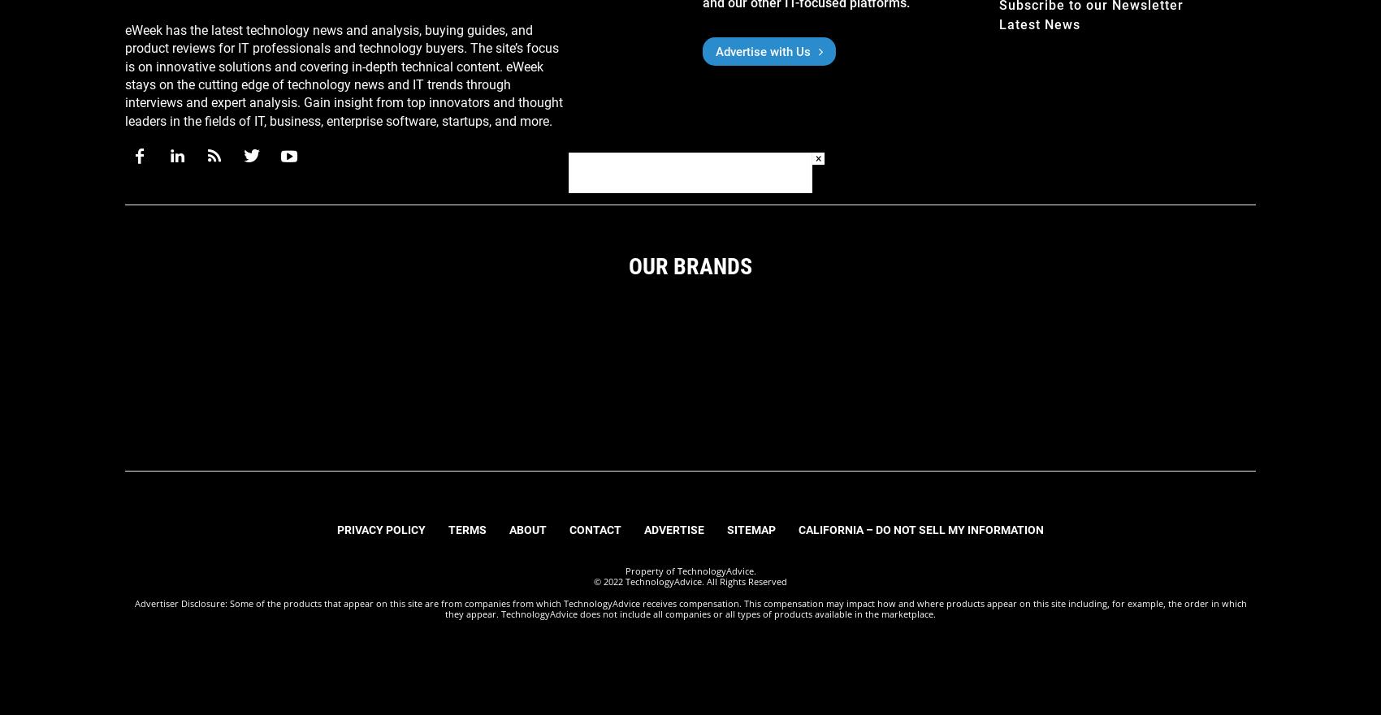  What do you see at coordinates (727, 529) in the screenshot?
I see `'Sitemap'` at bounding box center [727, 529].